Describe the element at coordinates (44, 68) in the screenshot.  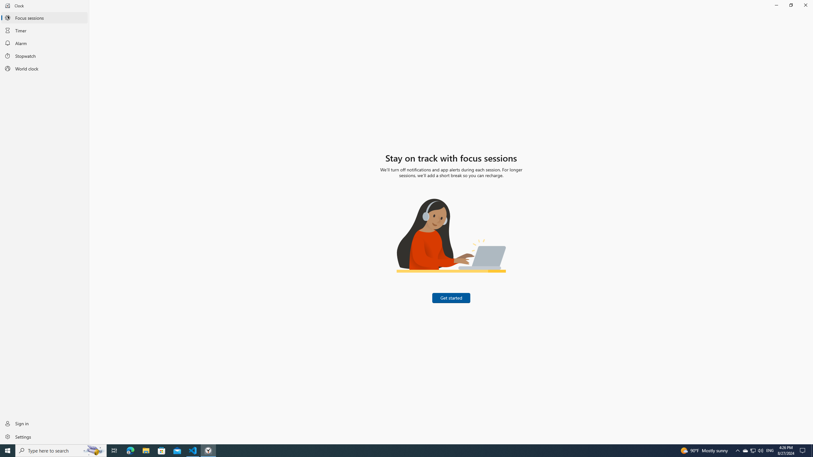
I see `'World clock'` at that location.